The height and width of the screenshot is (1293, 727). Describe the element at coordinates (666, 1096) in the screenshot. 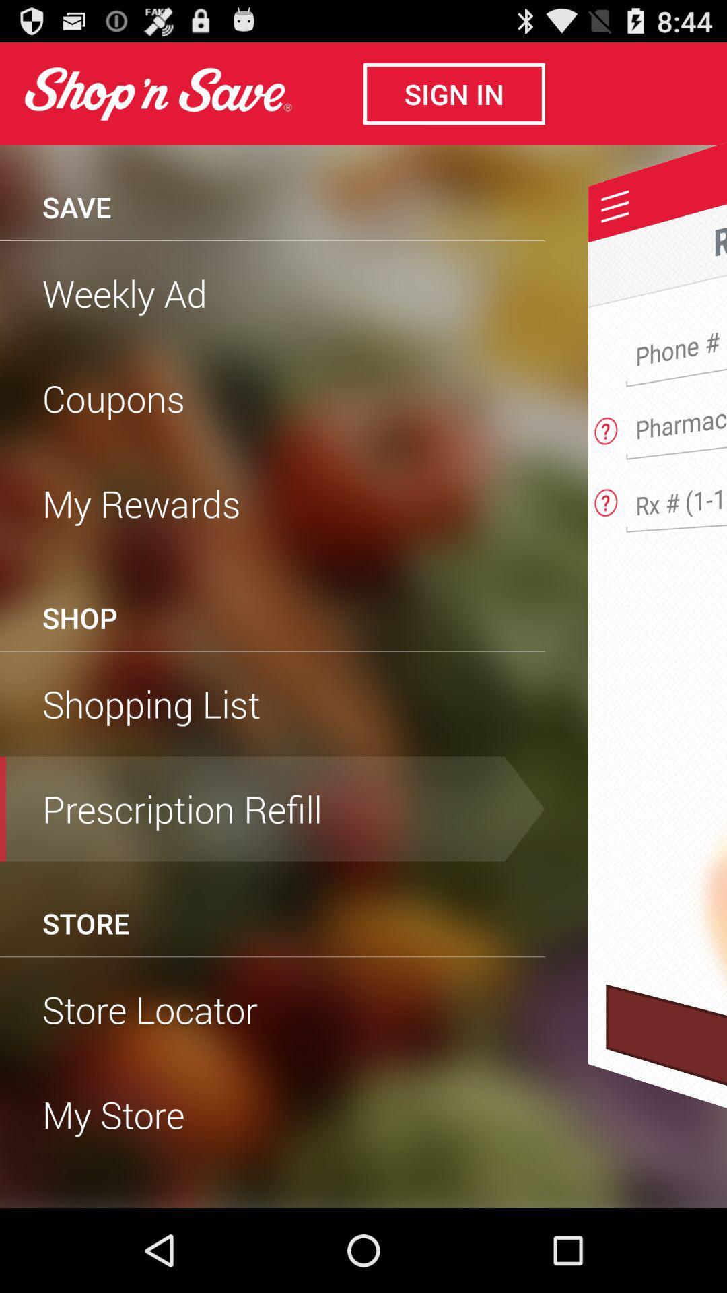

I see `the item next to the store locator icon` at that location.